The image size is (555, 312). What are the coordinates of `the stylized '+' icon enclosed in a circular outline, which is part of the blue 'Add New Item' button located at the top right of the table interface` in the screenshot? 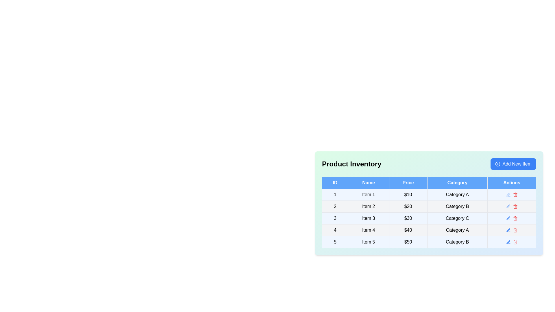 It's located at (497, 164).